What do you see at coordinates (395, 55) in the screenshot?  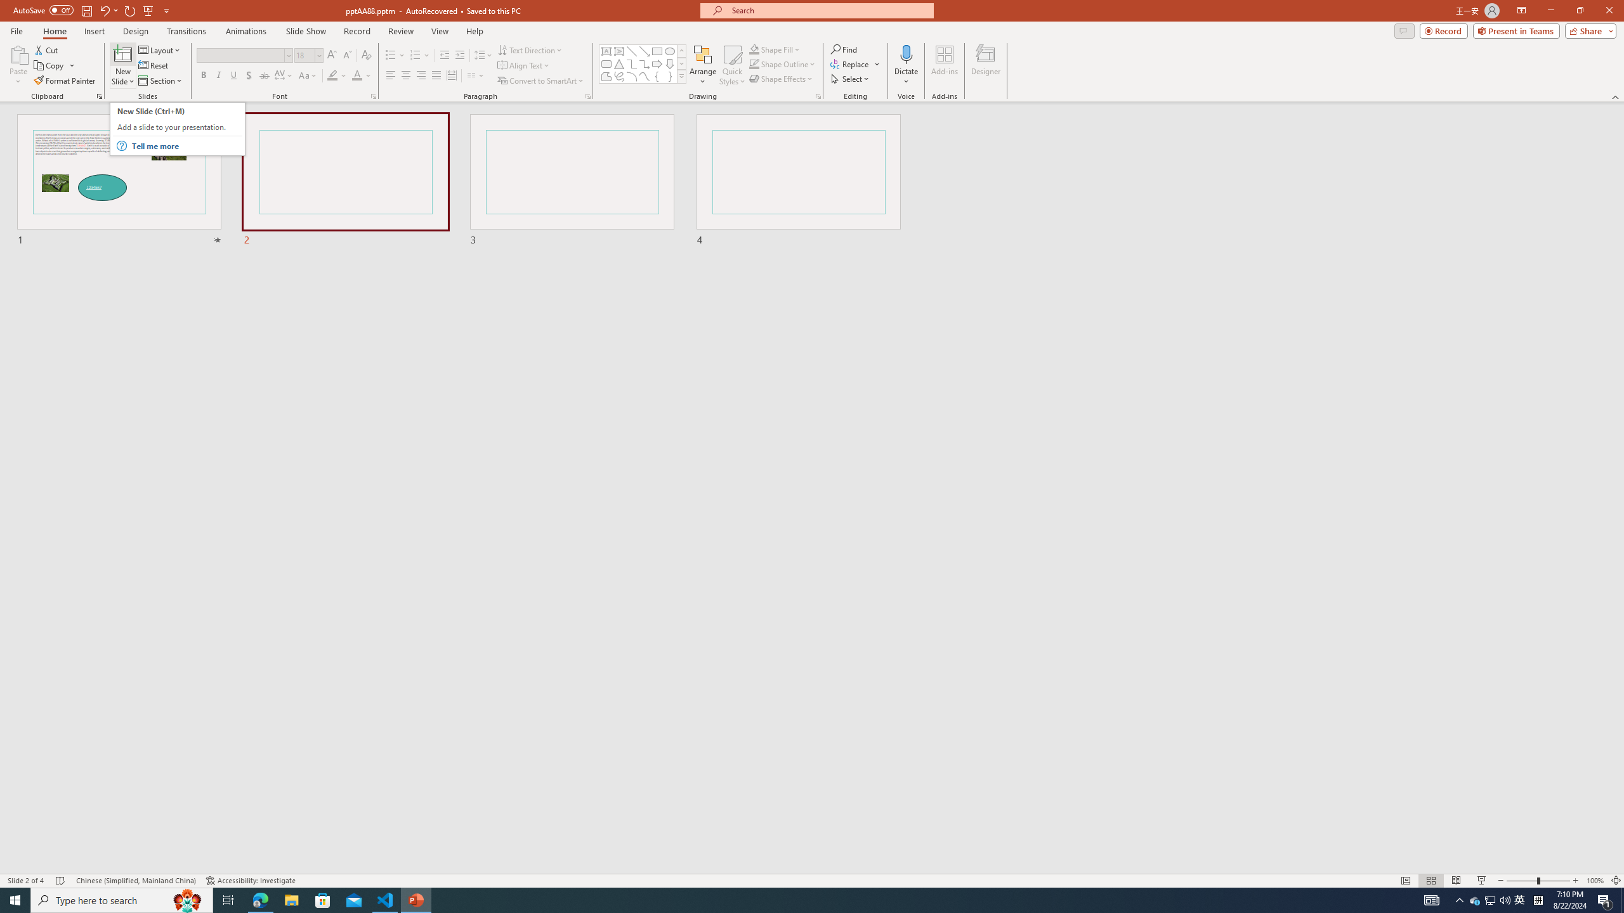 I see `'Bullets'` at bounding box center [395, 55].